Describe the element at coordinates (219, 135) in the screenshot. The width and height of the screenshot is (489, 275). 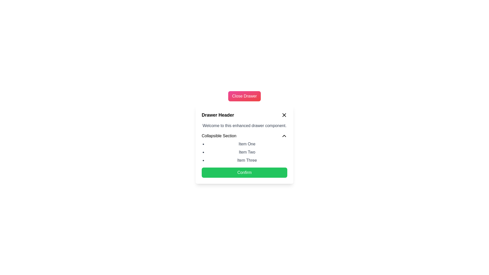
I see `the 'Collapsible Section' header` at that location.